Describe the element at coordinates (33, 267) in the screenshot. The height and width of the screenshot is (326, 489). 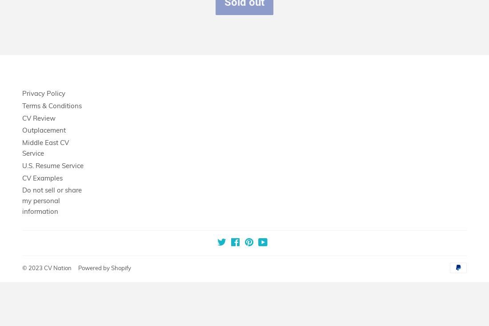
I see `'© 2023'` at that location.